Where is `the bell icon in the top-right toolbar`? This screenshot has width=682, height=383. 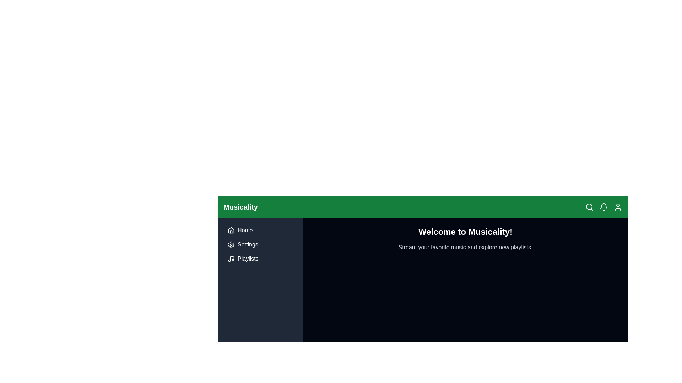
the bell icon in the top-right toolbar is located at coordinates (603, 207).